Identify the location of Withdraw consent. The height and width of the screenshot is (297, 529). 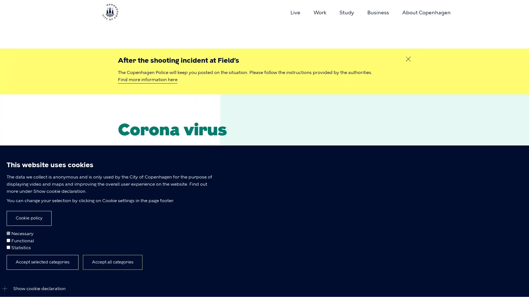
(92, 265).